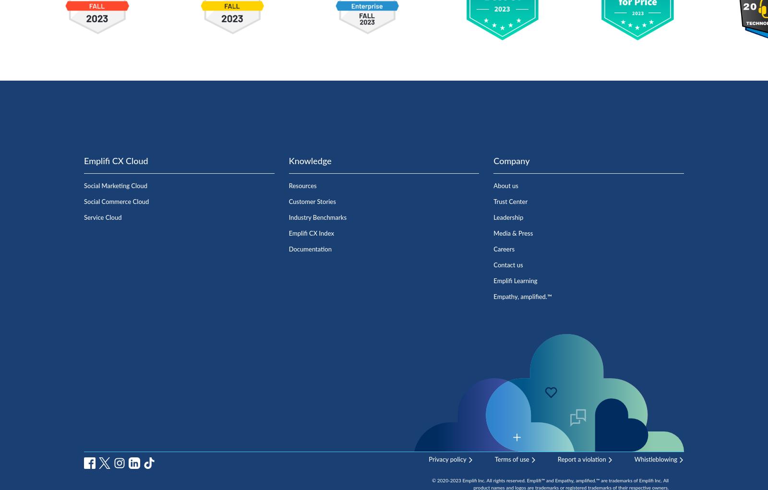  I want to click on 'About us', so click(505, 186).